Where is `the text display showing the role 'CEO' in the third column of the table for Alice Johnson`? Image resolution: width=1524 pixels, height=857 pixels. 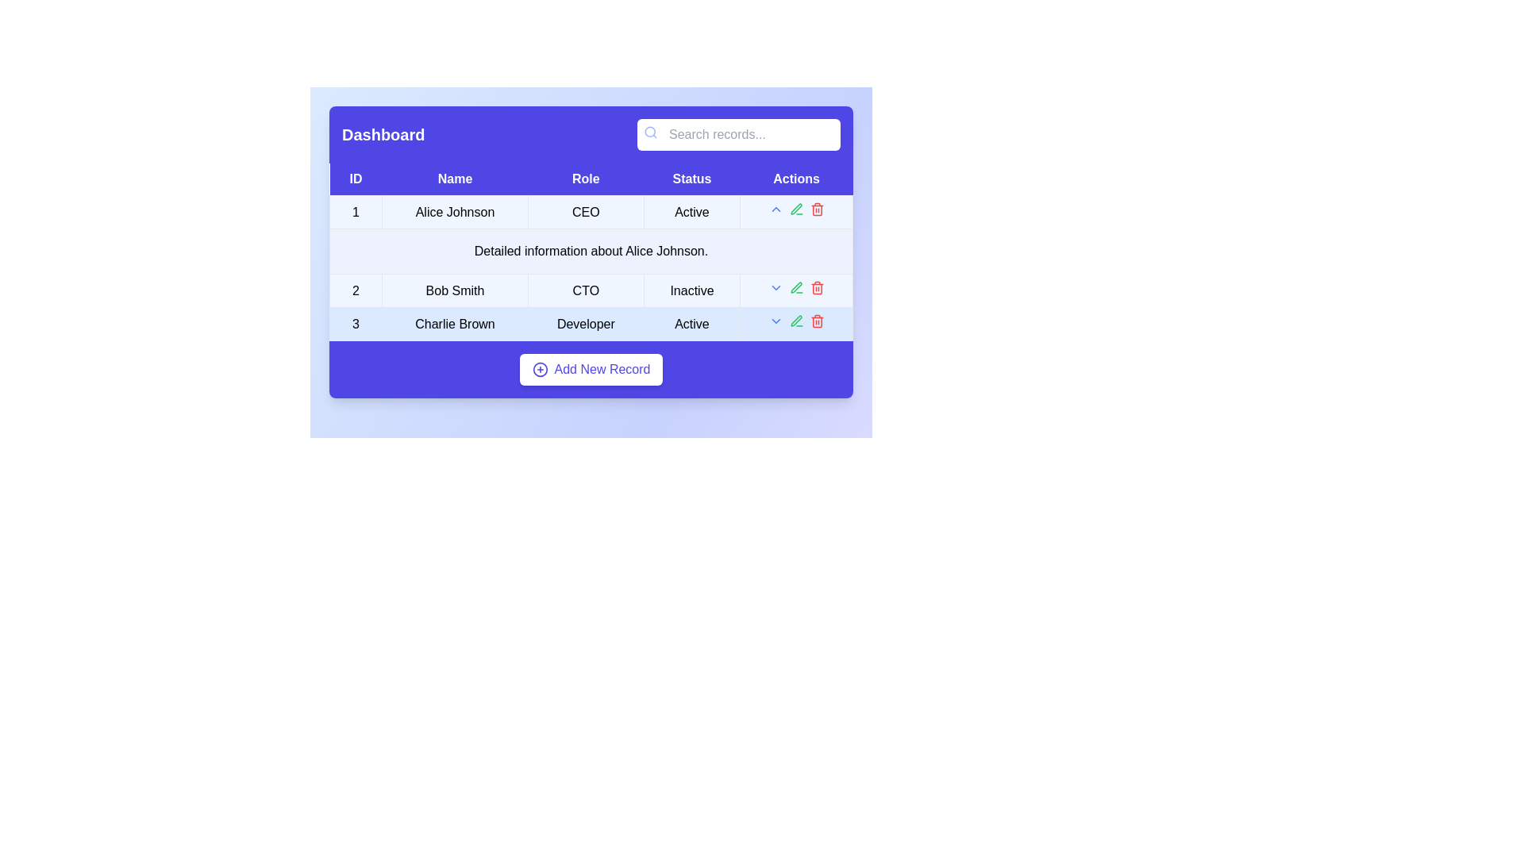
the text display showing the role 'CEO' in the third column of the table for Alice Johnson is located at coordinates (590, 211).